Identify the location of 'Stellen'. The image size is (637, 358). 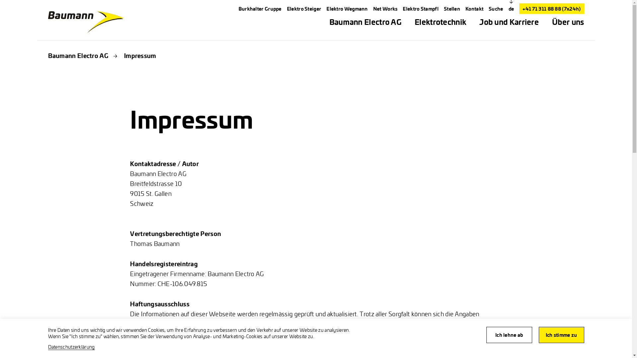
(452, 9).